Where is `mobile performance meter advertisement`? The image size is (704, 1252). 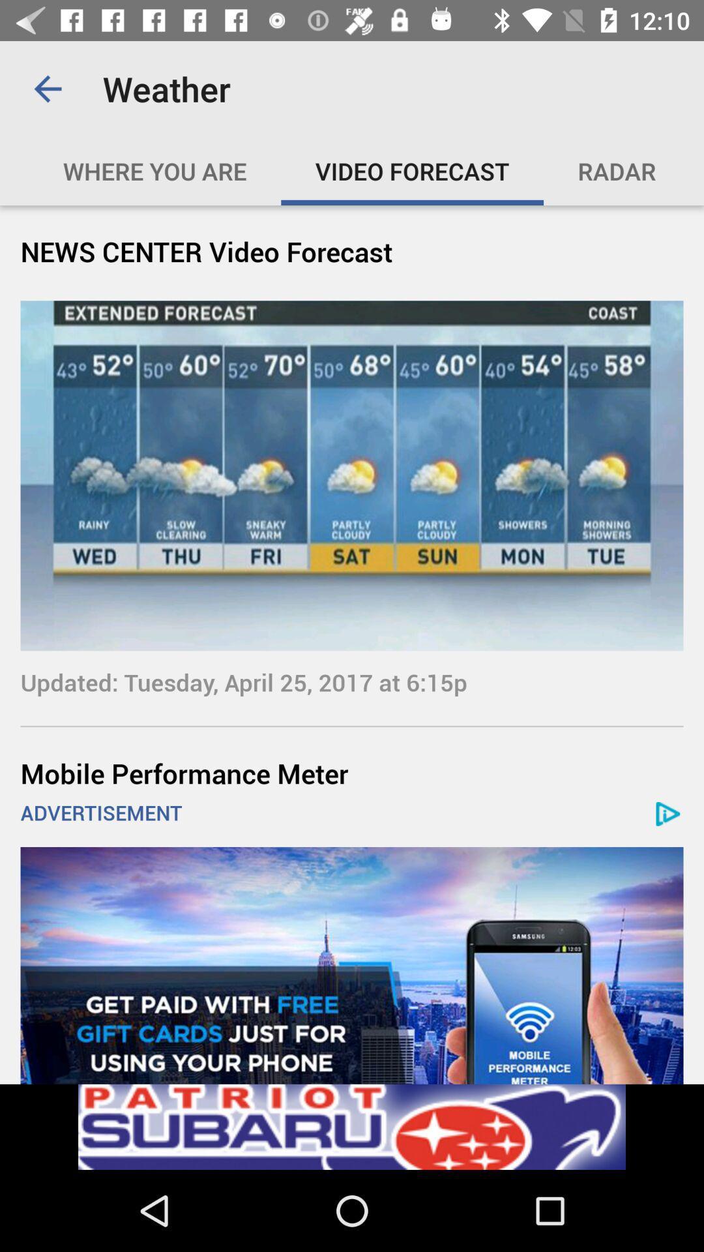
mobile performance meter advertisement is located at coordinates (352, 965).